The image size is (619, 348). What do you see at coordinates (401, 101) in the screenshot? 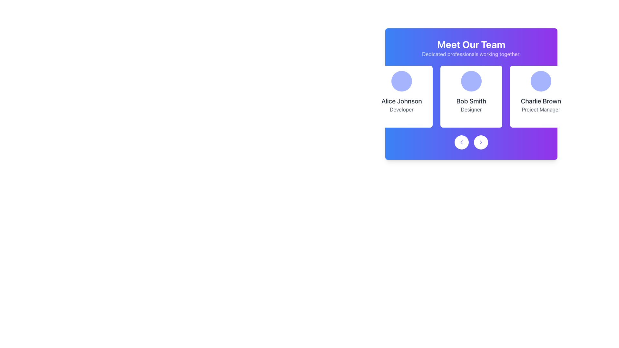
I see `the static text label indicating the name of a person, which is located below the circular avatar and above the subtitle 'Developer'` at bounding box center [401, 101].